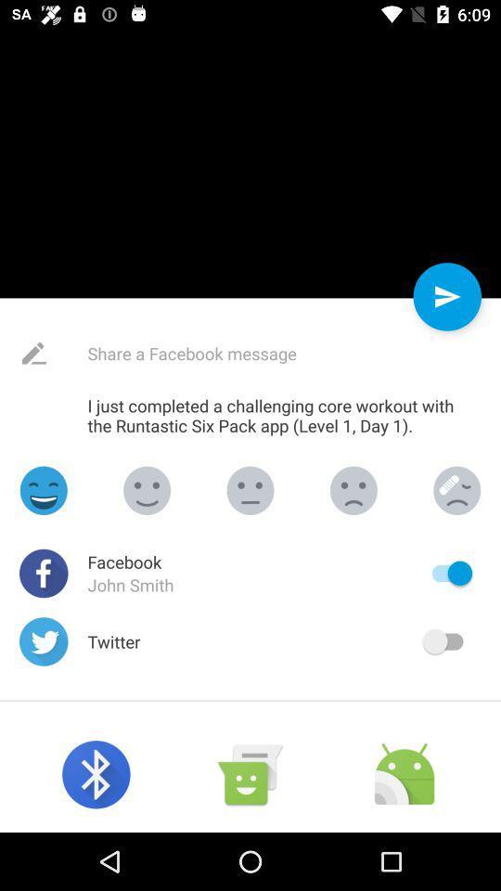 The image size is (501, 891). I want to click on insert sadness emoticon, so click(353, 489).